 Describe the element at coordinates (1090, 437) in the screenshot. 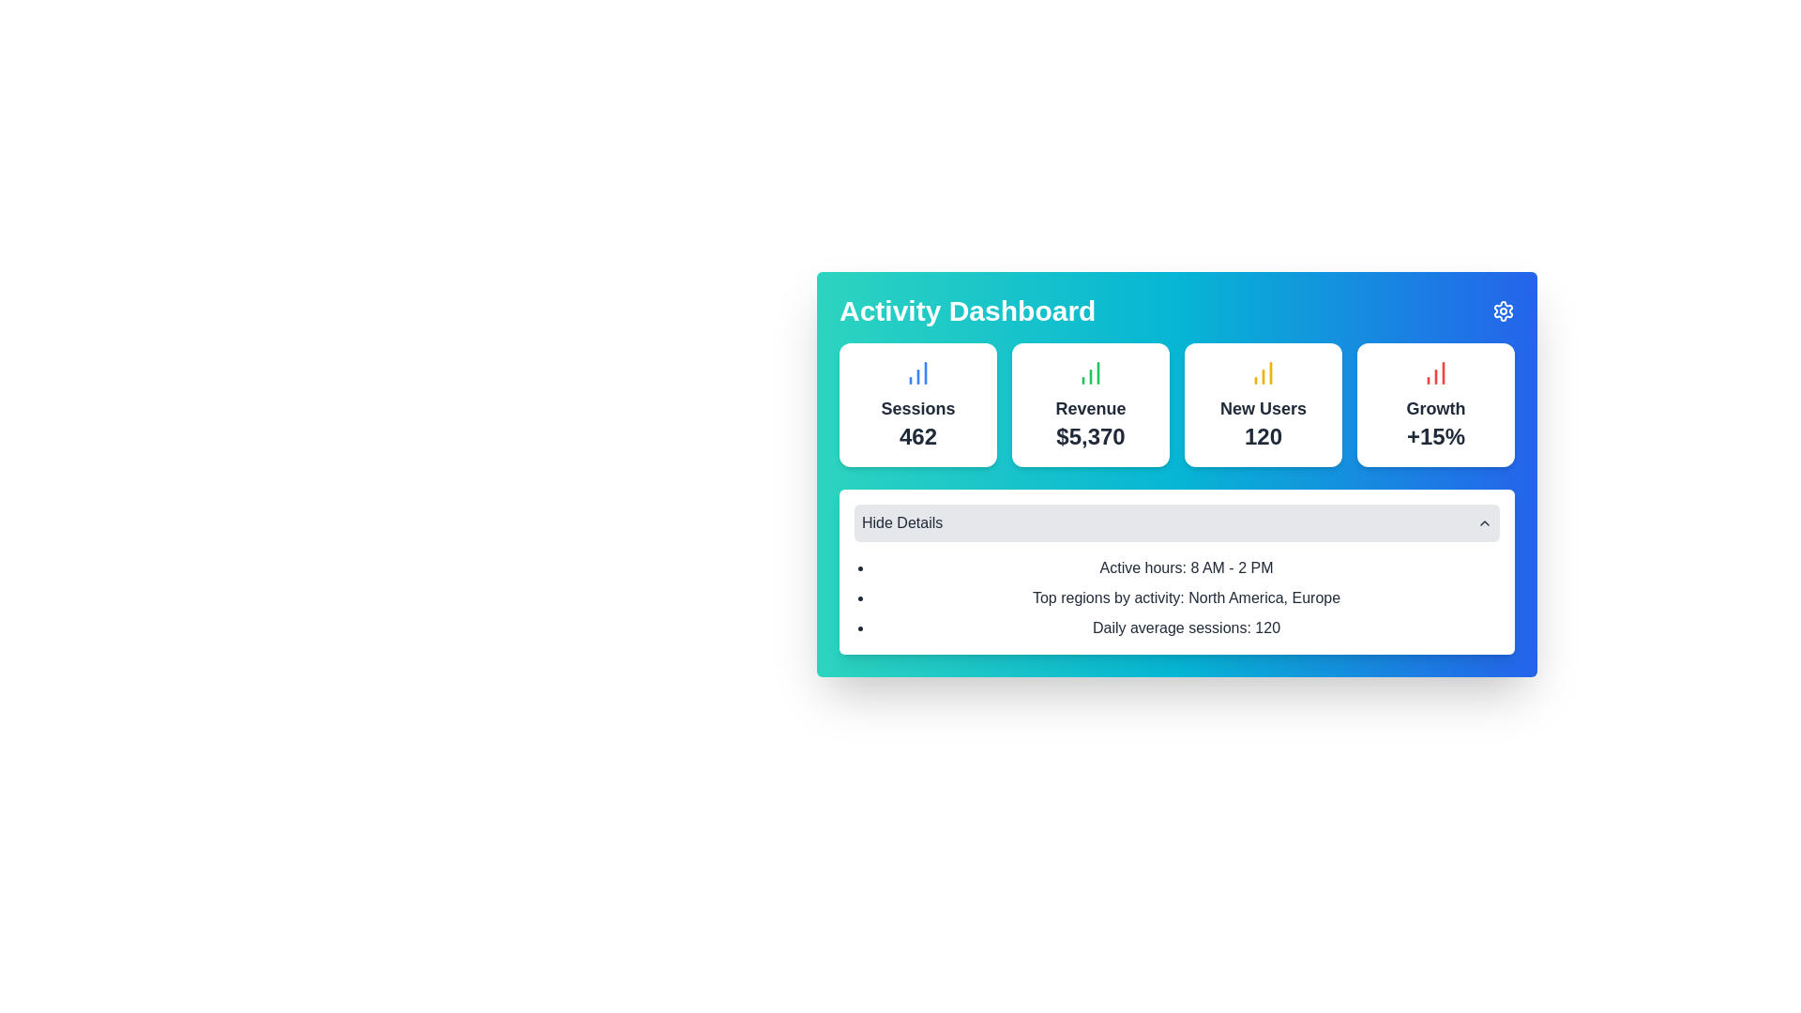

I see `the Text Display that shows the current revenue value, which is positioned below the 'Revenue' label in the dashboard` at that location.